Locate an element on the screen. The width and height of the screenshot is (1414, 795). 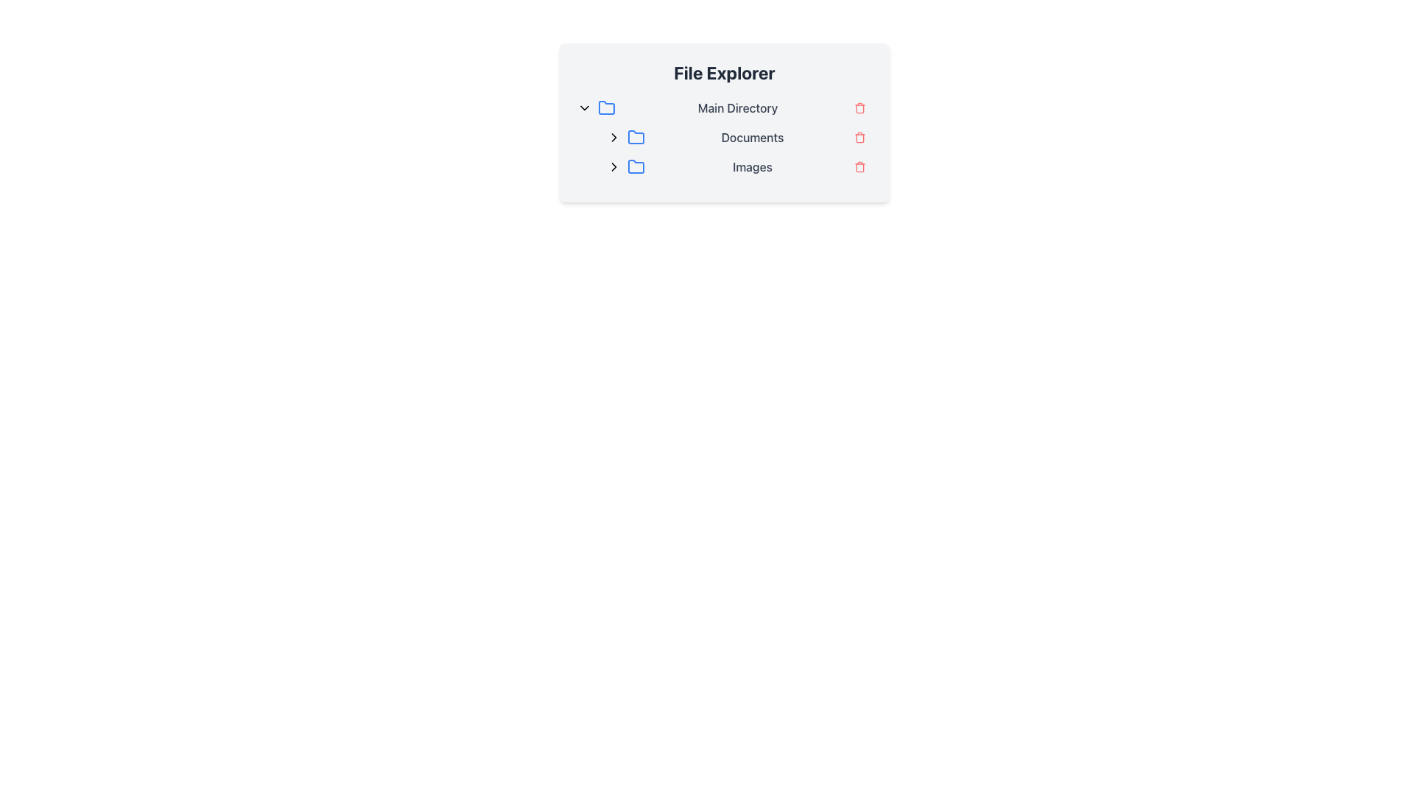
the red trash bin icon, located in the same row as 'Images' in the 'File Explorer' interface is located at coordinates (859, 166).